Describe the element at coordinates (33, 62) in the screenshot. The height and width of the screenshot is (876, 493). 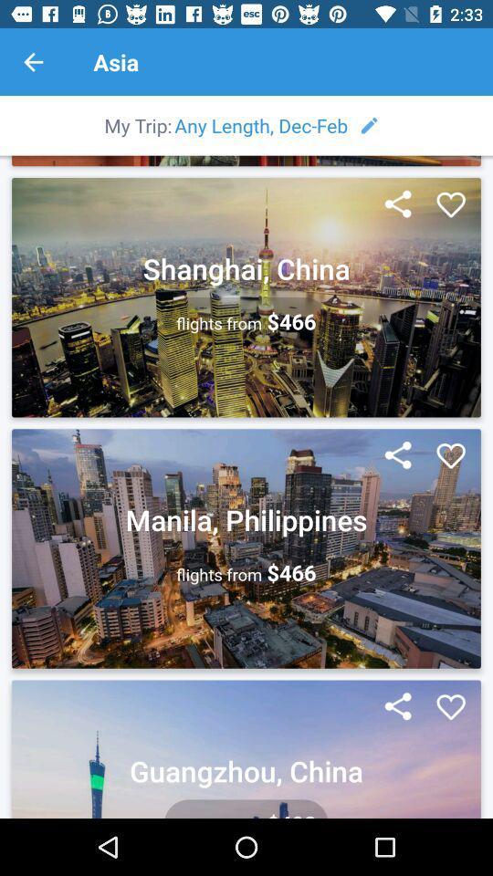
I see `go back` at that location.